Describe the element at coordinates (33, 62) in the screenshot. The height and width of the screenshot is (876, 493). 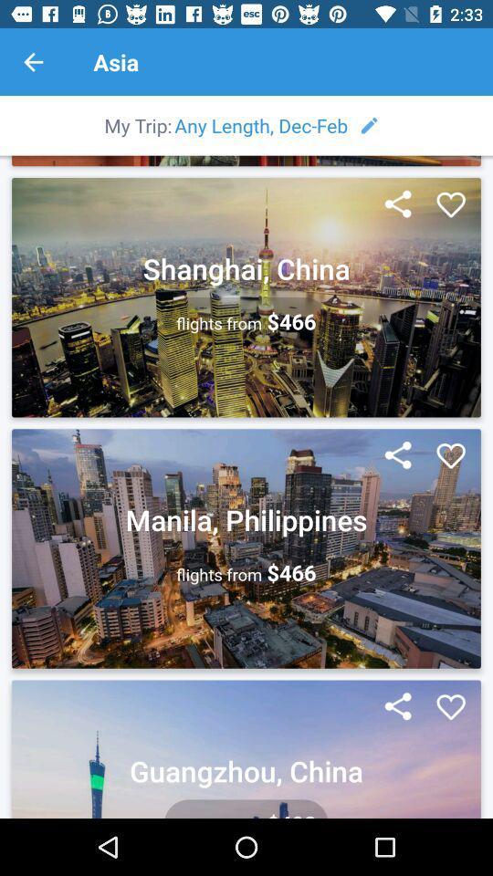
I see `go back` at that location.